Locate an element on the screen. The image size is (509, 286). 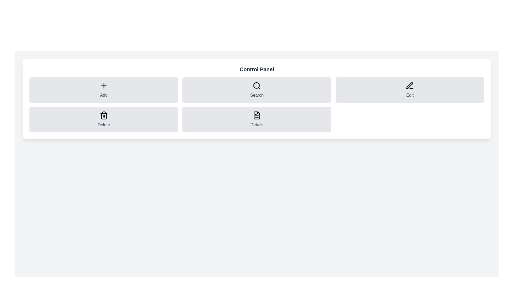
the tooltip with black background and white text that says 'Find existing records.' located below the 'Search' button is located at coordinates (257, 109).